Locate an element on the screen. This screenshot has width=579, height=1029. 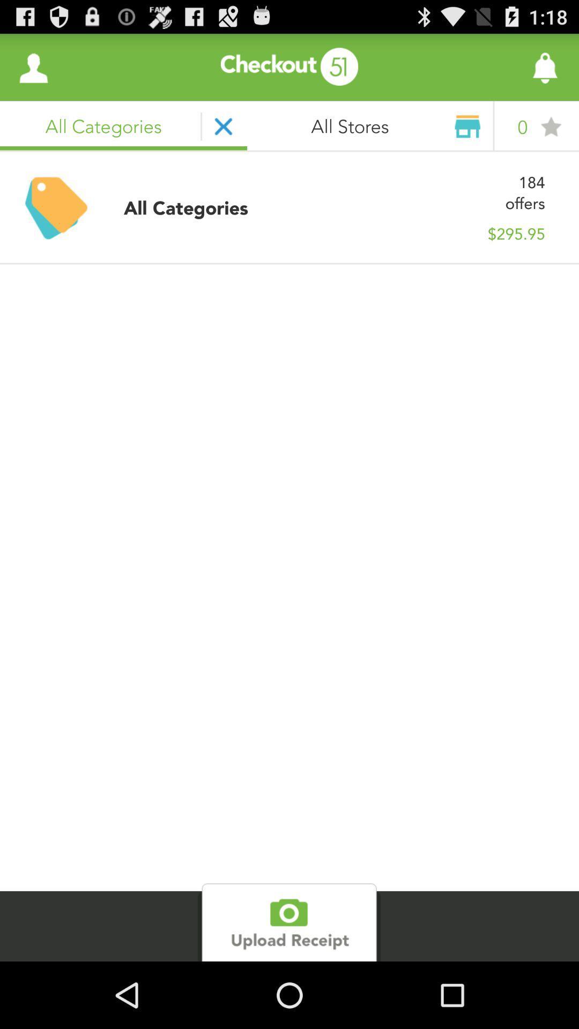
reminder is located at coordinates (515, 66).